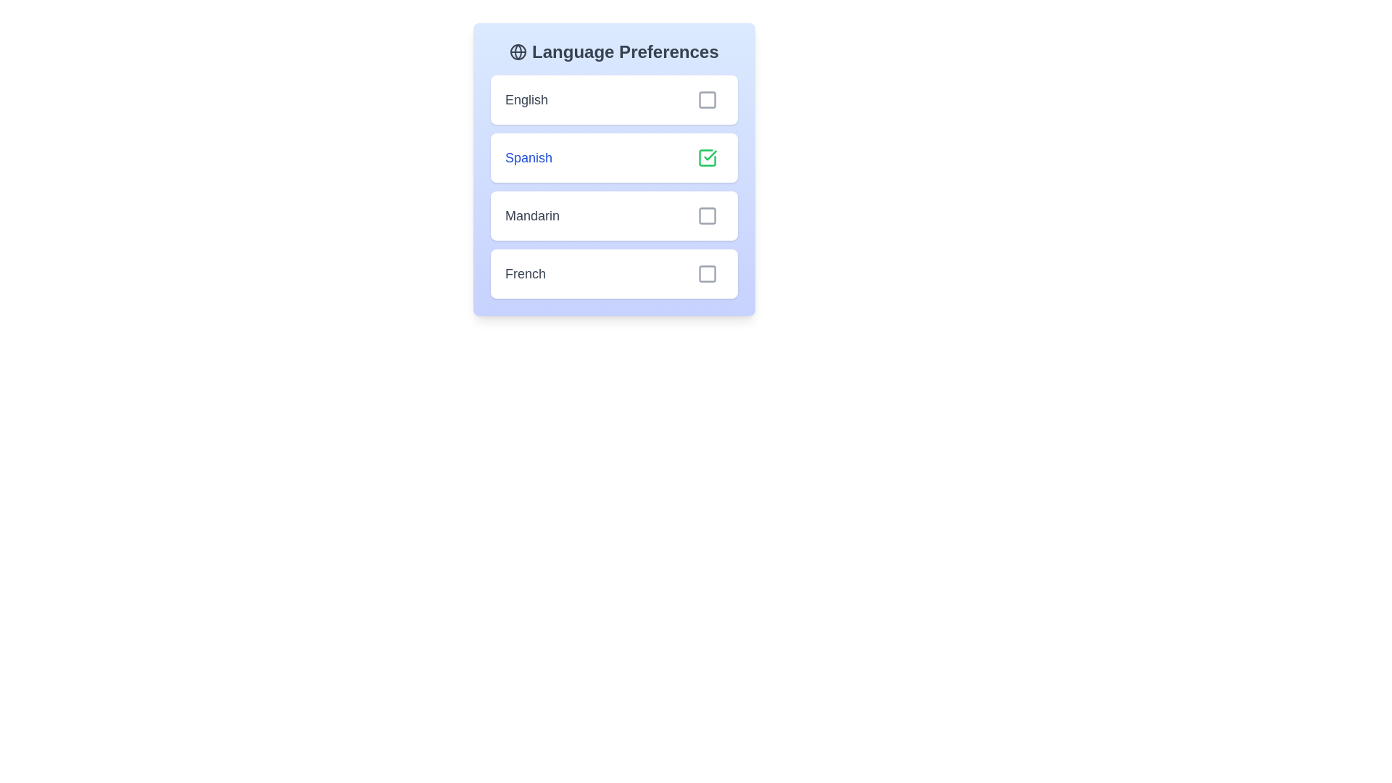 The image size is (1392, 783). What do you see at coordinates (614, 274) in the screenshot?
I see `the 'French' checkbox in the Language Preferences section` at bounding box center [614, 274].